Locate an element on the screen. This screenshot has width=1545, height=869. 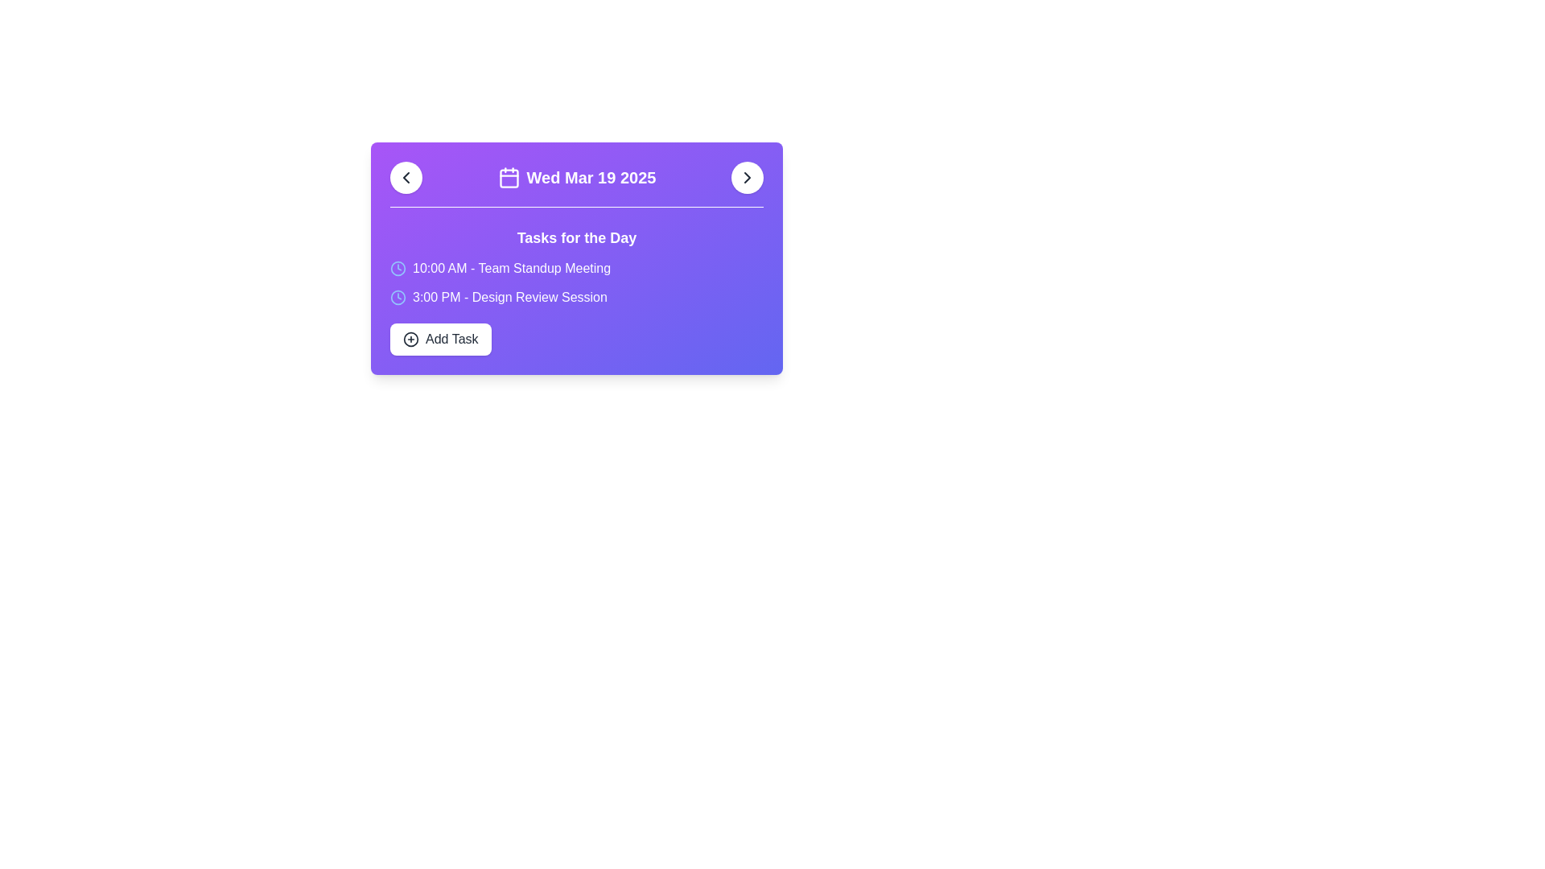
the scheduled task or meeting time and description element located in the first row of the 'Tasks for the Day' section, which informs the user about the activity occurring at 10:00 AM is located at coordinates (576, 268).